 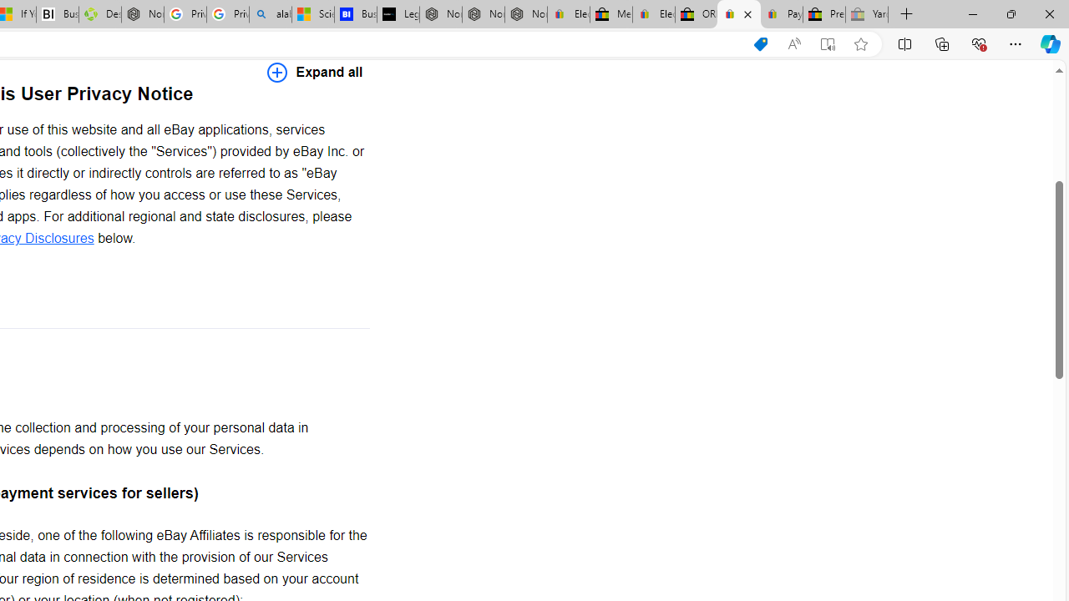 I want to click on 'Nordace - My Account', so click(x=142, y=14).